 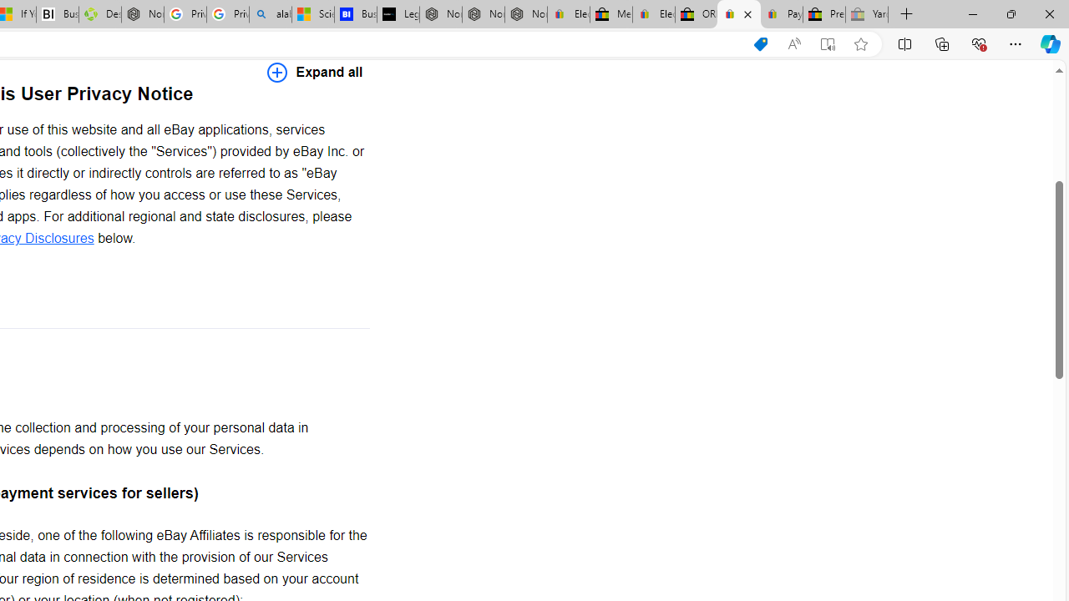 I want to click on 'Nordace - My Account', so click(x=142, y=14).